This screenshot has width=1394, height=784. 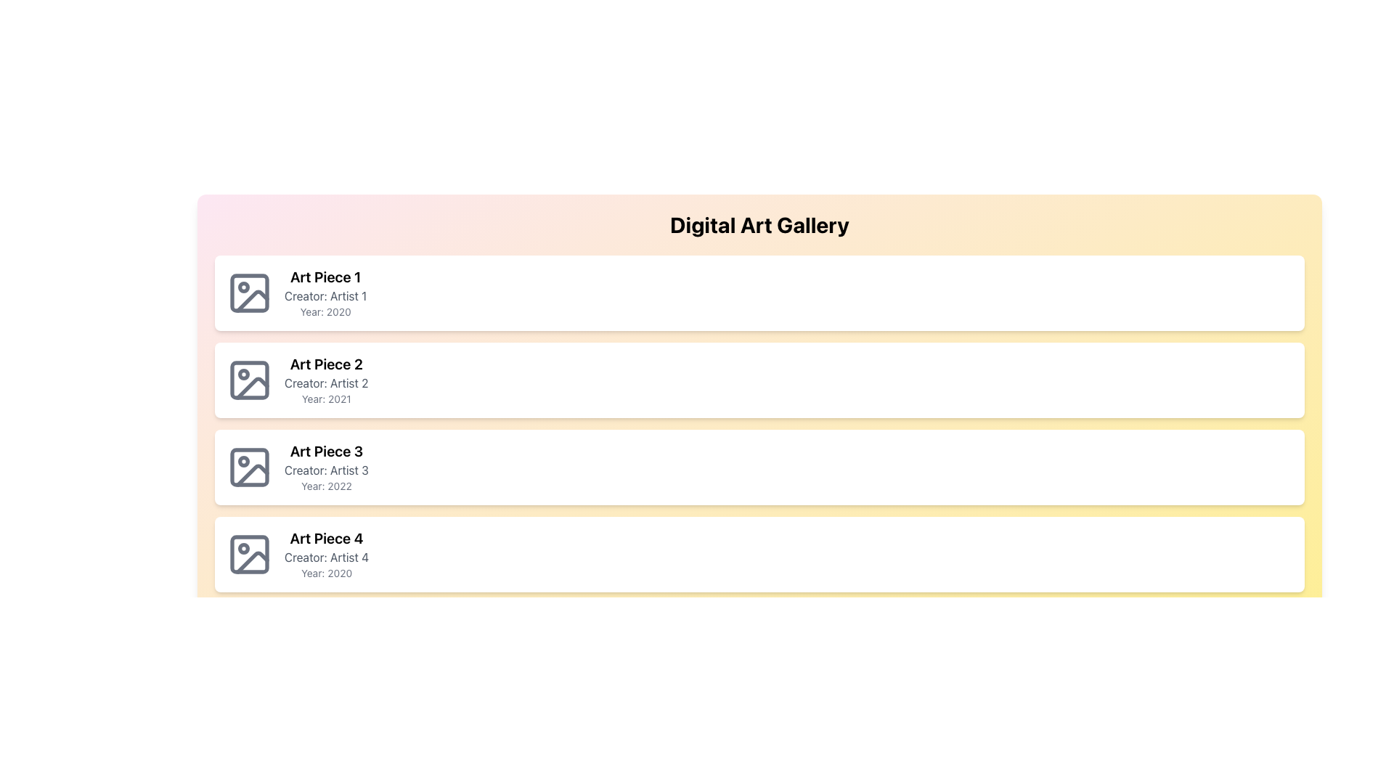 What do you see at coordinates (244, 549) in the screenshot?
I see `the small circle representing a graphical point within the SVG-based image component for Art Piece 4, located at the lower-left area of the image icon` at bounding box center [244, 549].